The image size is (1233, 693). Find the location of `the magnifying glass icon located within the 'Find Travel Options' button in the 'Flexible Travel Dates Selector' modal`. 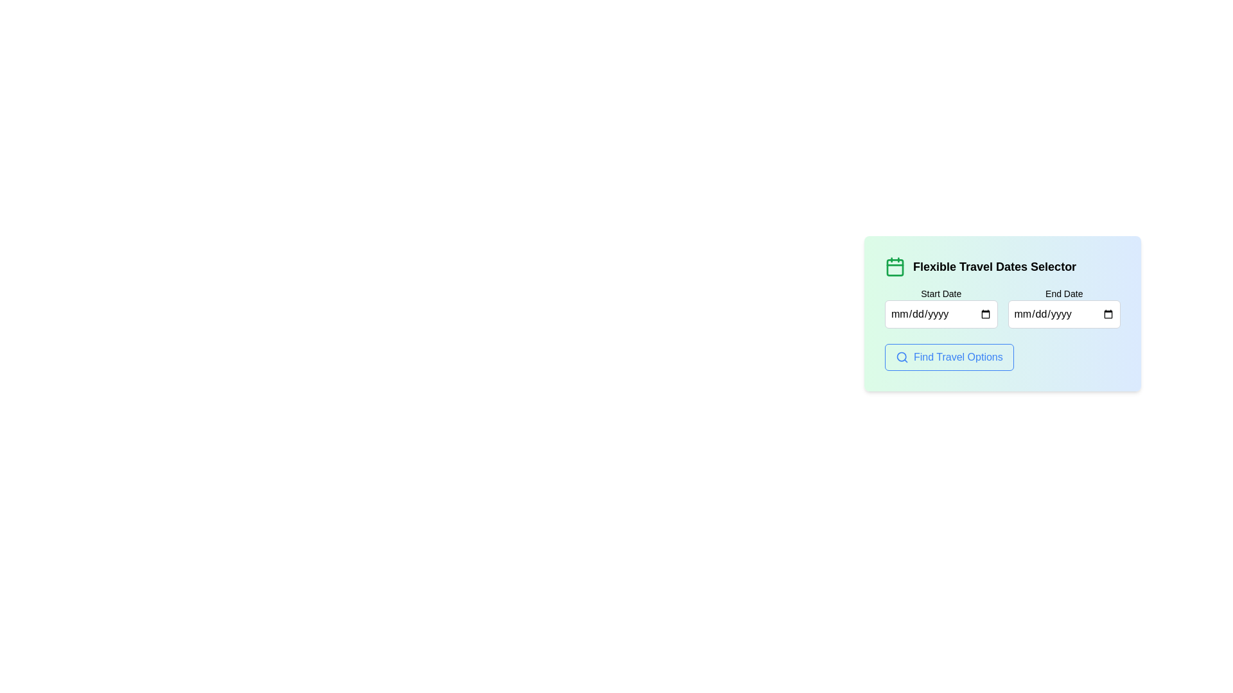

the magnifying glass icon located within the 'Find Travel Options' button in the 'Flexible Travel Dates Selector' modal is located at coordinates (902, 357).